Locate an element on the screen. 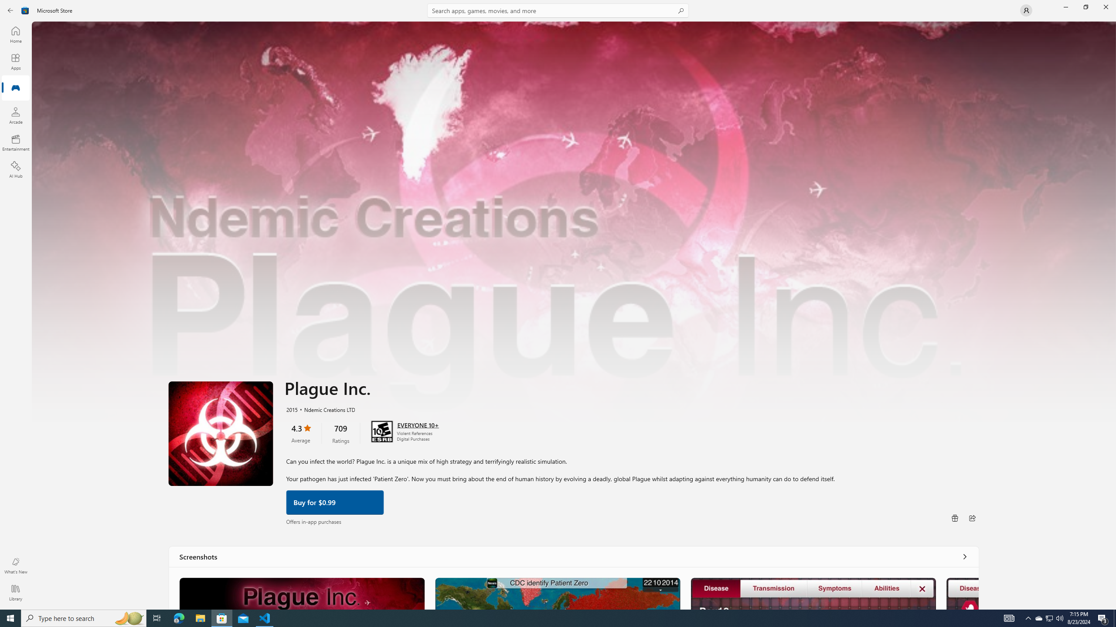  'Apps' is located at coordinates (15, 61).